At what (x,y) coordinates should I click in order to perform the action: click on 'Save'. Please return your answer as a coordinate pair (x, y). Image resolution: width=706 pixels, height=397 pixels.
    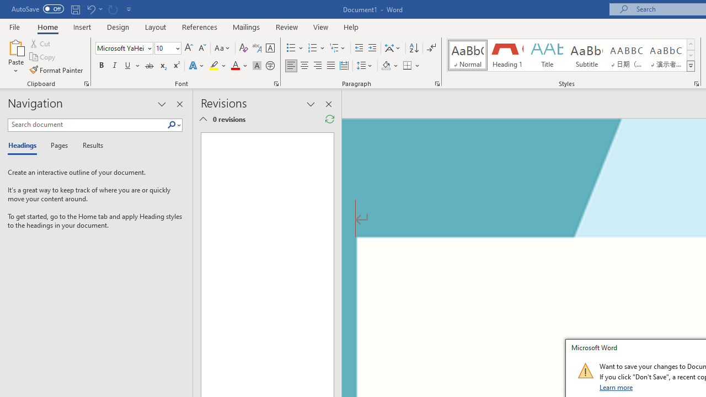
    Looking at the image, I should click on (74, 9).